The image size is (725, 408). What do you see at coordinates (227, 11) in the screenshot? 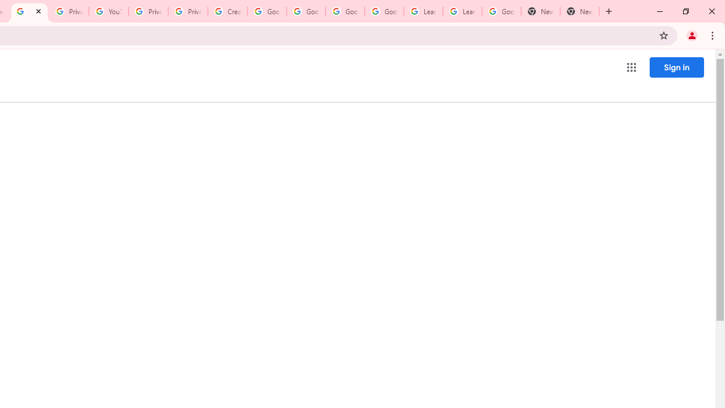
I see `'Create your Google Account'` at bounding box center [227, 11].